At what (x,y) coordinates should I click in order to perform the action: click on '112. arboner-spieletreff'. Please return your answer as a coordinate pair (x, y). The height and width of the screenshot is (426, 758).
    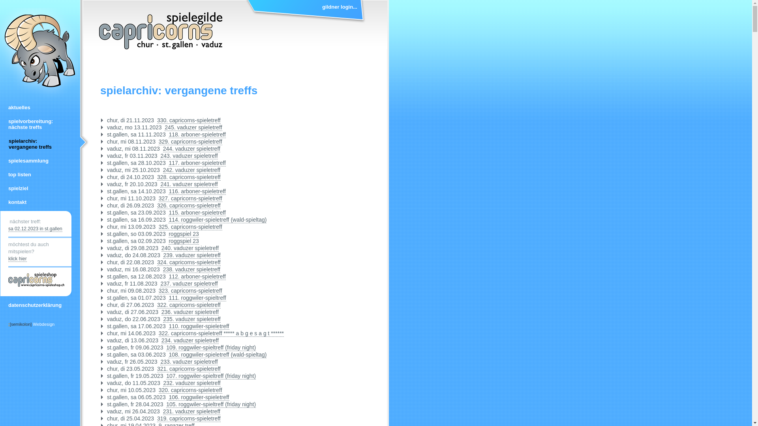
    Looking at the image, I should click on (197, 276).